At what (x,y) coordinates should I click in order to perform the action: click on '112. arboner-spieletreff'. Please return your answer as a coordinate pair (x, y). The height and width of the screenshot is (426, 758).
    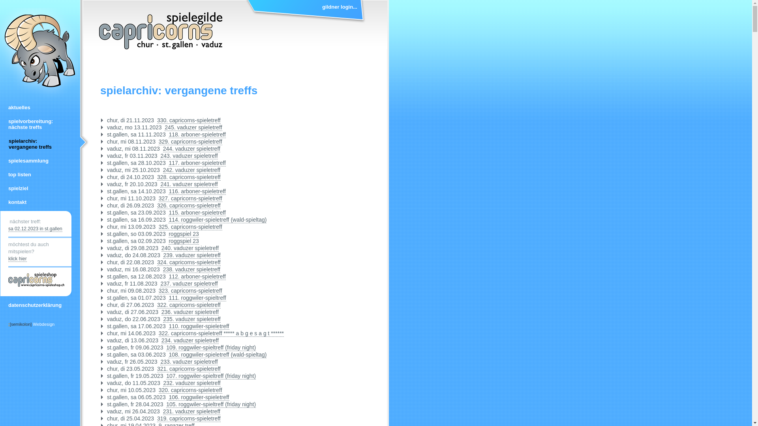
    Looking at the image, I should click on (197, 276).